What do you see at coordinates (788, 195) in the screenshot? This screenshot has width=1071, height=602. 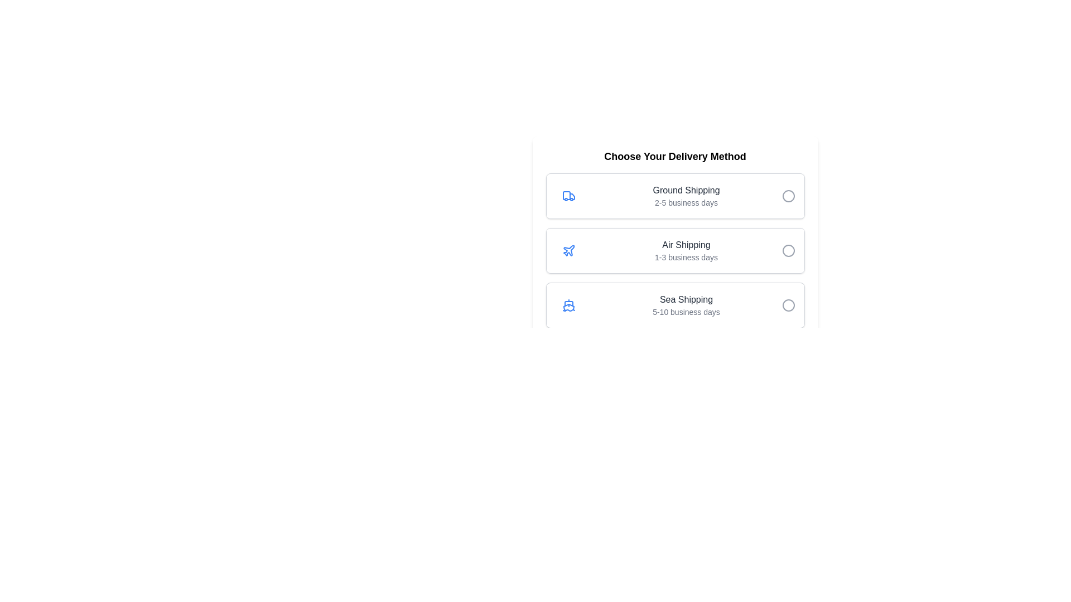 I see `the radio button for the 'Ground Shipping' option, which is styled as a circular component with a gray border and indicates the selected state` at bounding box center [788, 195].